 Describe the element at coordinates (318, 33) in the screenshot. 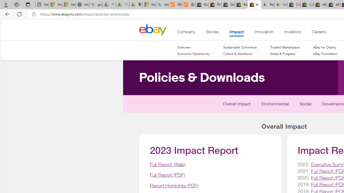

I see `'Careers'` at that location.